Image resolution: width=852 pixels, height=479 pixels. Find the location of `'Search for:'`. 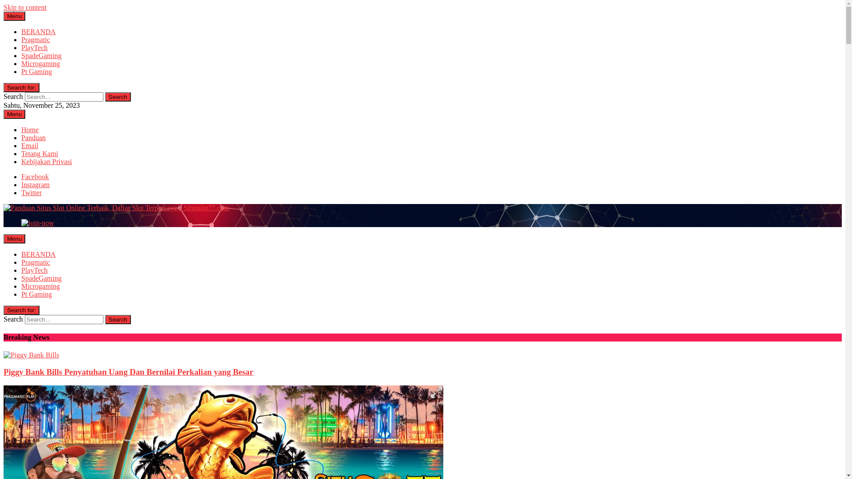

'Search for:' is located at coordinates (21, 310).